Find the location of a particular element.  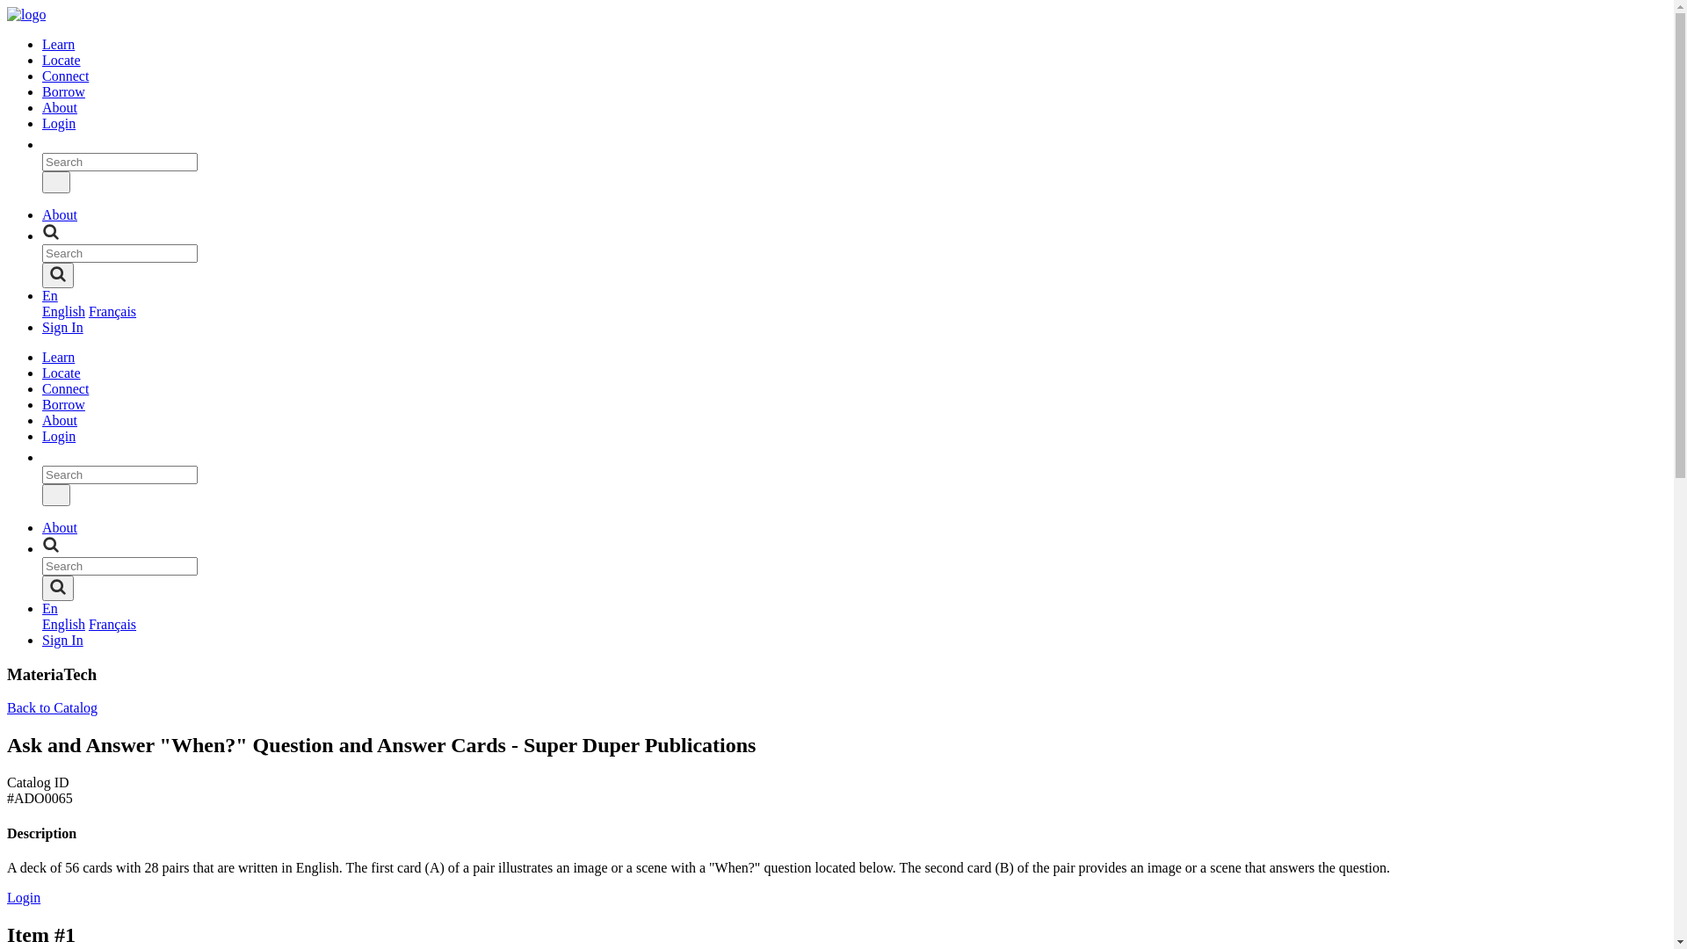

'About' is located at coordinates (59, 214).